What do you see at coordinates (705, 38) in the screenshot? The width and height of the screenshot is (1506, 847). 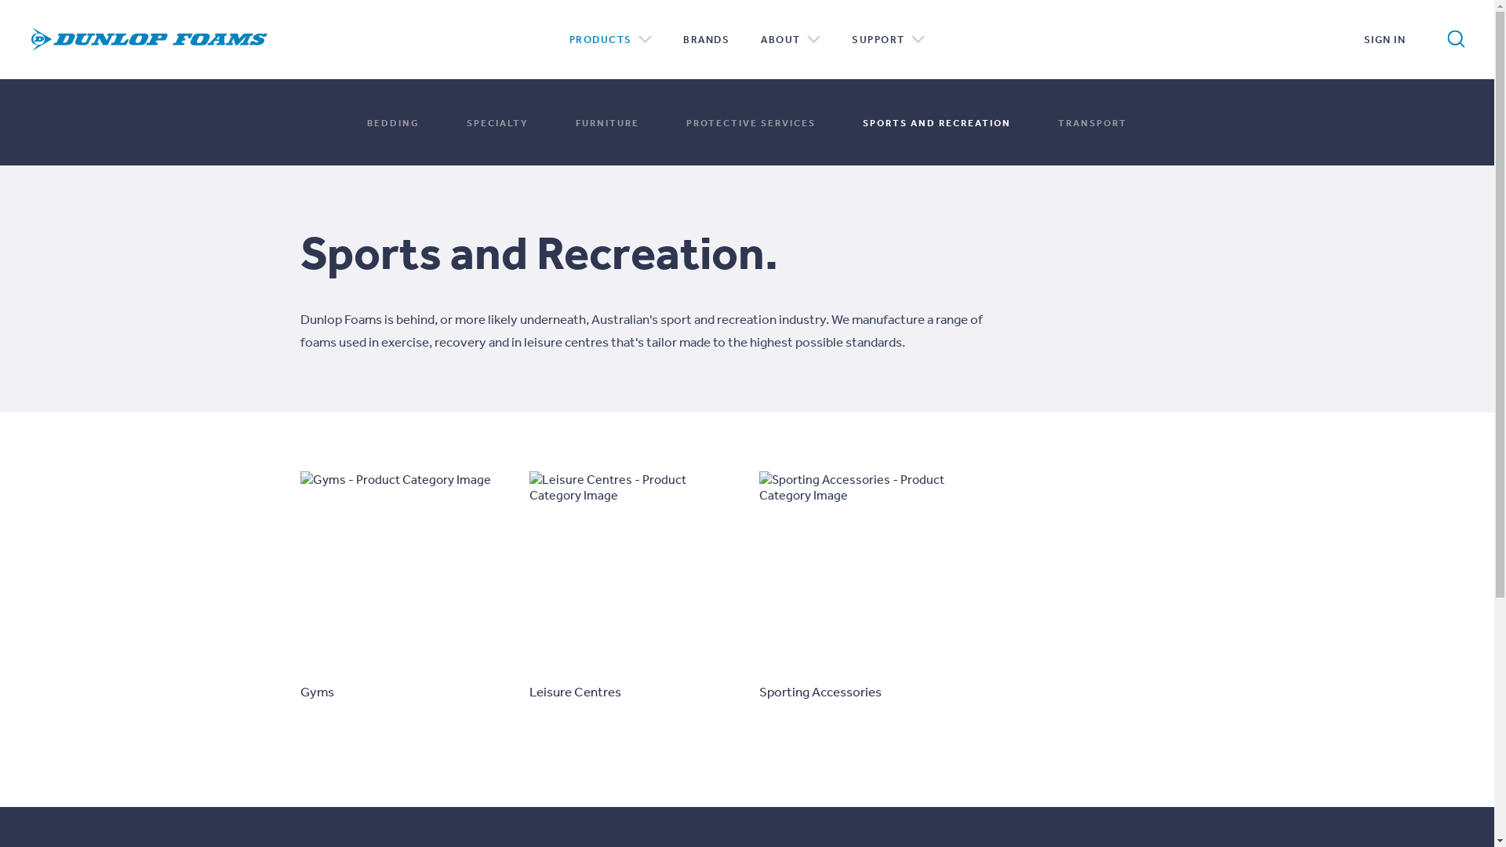 I see `'BRANDS'` at bounding box center [705, 38].